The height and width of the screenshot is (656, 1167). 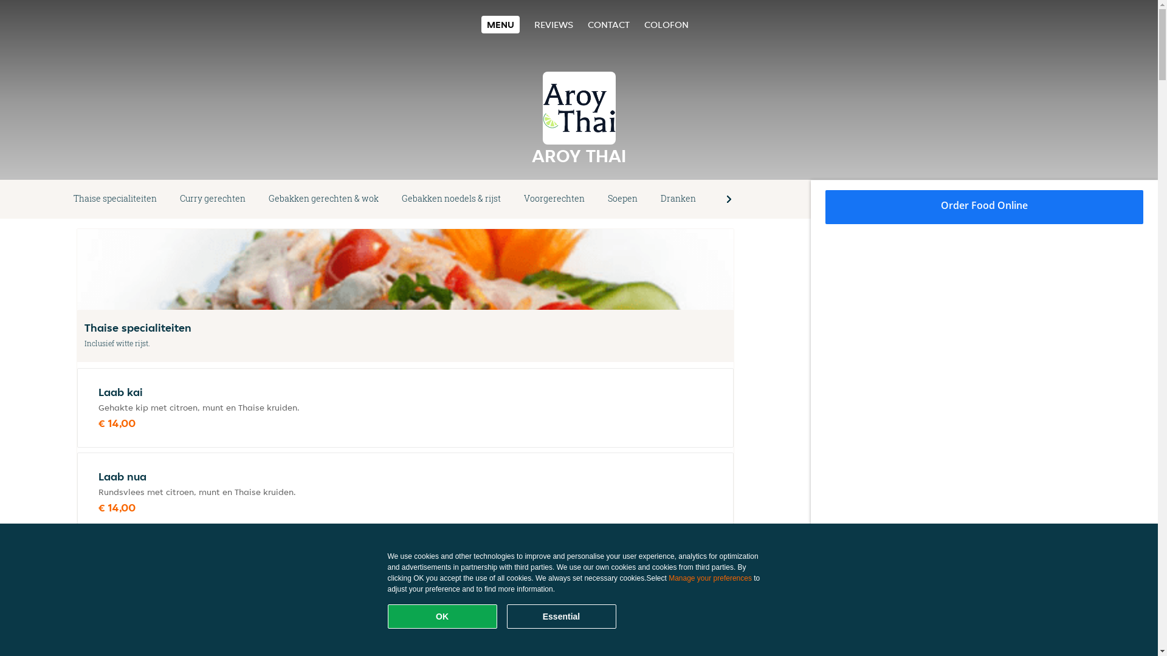 What do you see at coordinates (500, 24) in the screenshot?
I see `'MENU'` at bounding box center [500, 24].